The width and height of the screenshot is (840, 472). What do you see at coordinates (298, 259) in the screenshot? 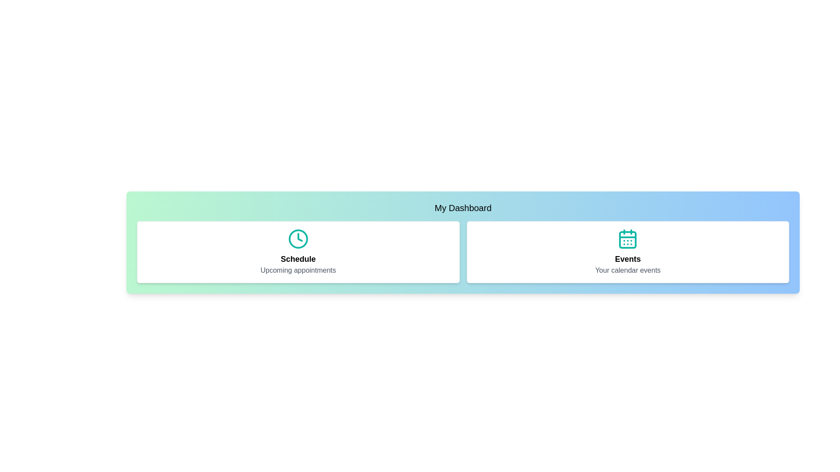
I see `the 'Schedule' text label, which is a bold and large black font displayed within a white card below a teal clock icon` at bounding box center [298, 259].